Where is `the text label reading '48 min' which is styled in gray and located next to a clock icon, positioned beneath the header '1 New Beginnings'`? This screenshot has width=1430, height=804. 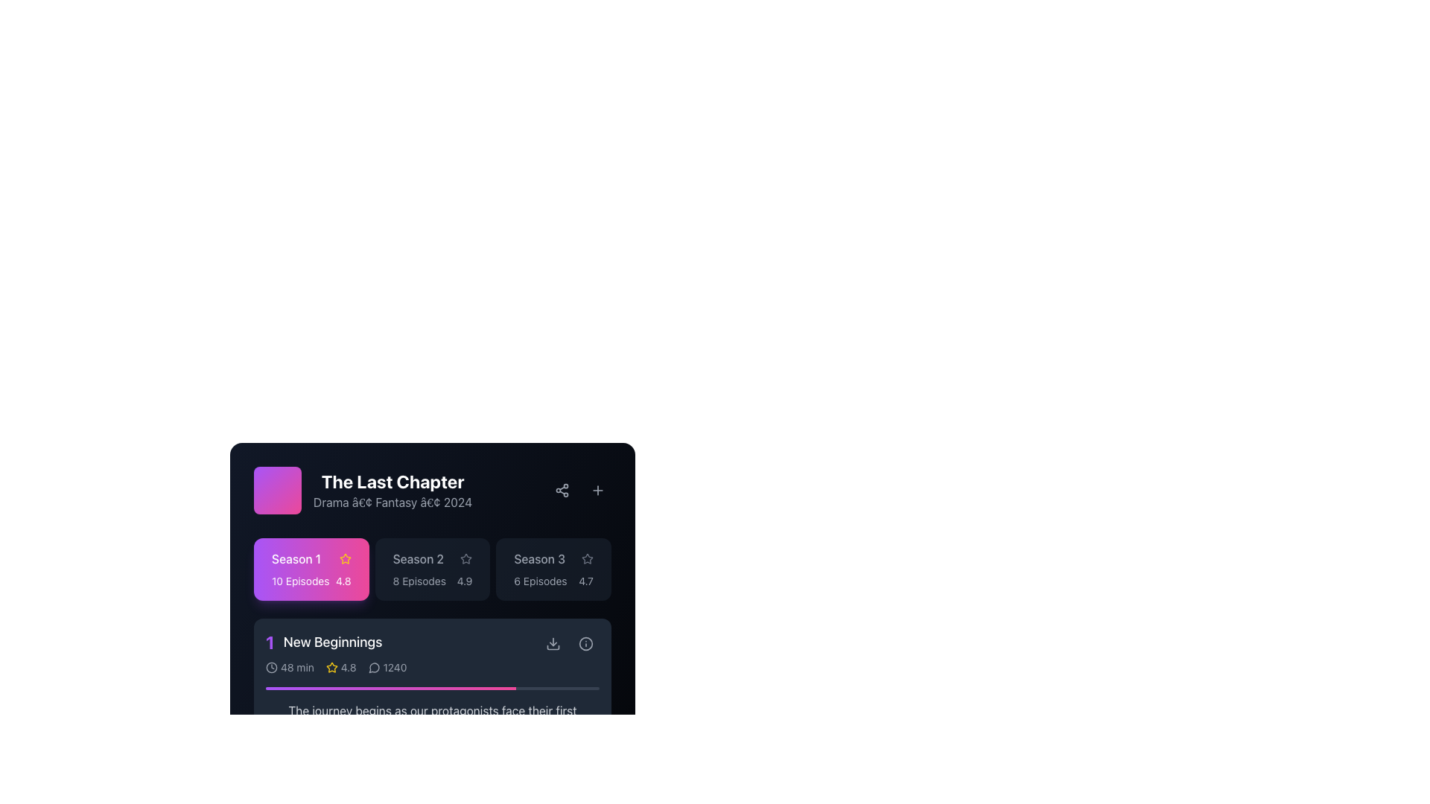 the text label reading '48 min' which is styled in gray and located next to a clock icon, positioned beneath the header '1 New Beginnings' is located at coordinates (297, 667).